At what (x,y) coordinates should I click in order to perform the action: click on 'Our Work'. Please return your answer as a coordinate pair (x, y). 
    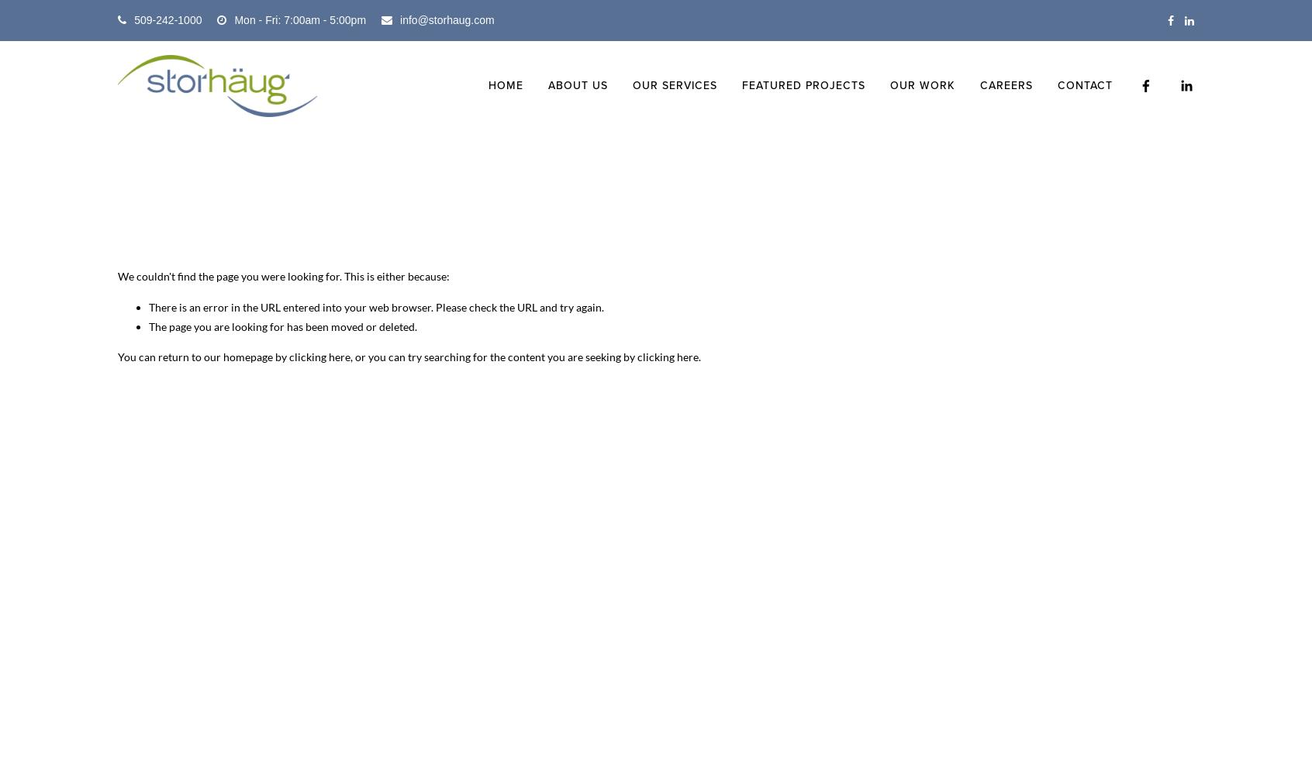
    Looking at the image, I should click on (921, 84).